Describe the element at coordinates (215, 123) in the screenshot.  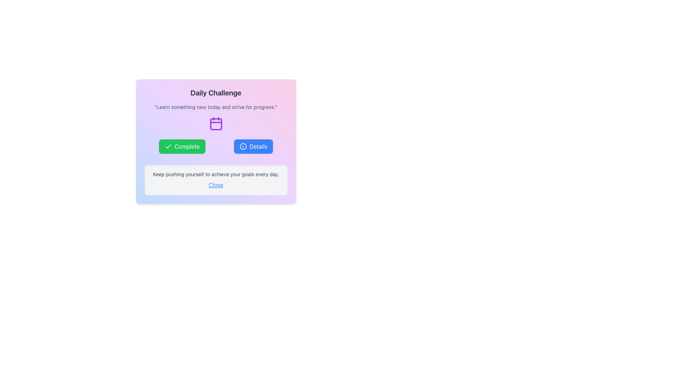
I see `the stylized calendar icon with a purple outline, located in the section containing 'Daily Challenge' text above and 'Complete' and 'Details' buttons below` at that location.